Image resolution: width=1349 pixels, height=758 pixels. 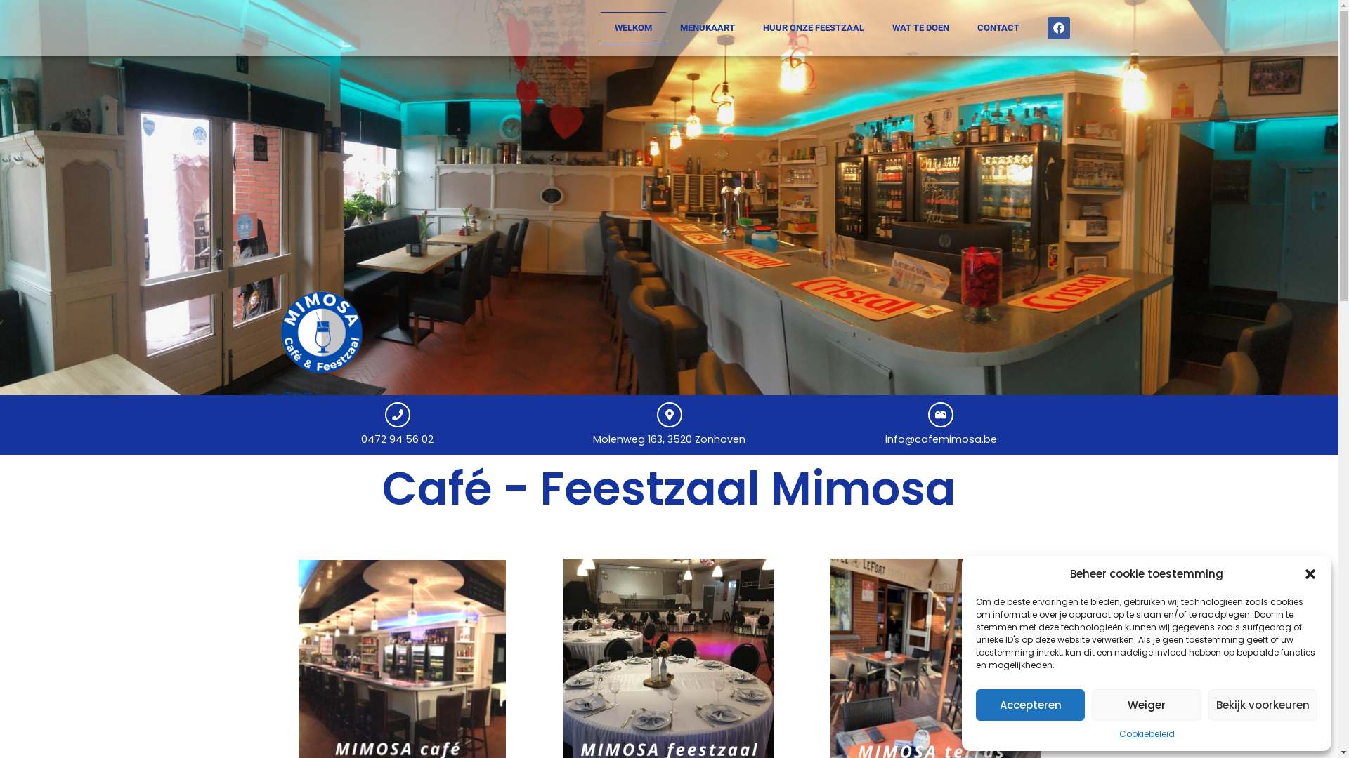 I want to click on 'Accepteren', so click(x=1030, y=705).